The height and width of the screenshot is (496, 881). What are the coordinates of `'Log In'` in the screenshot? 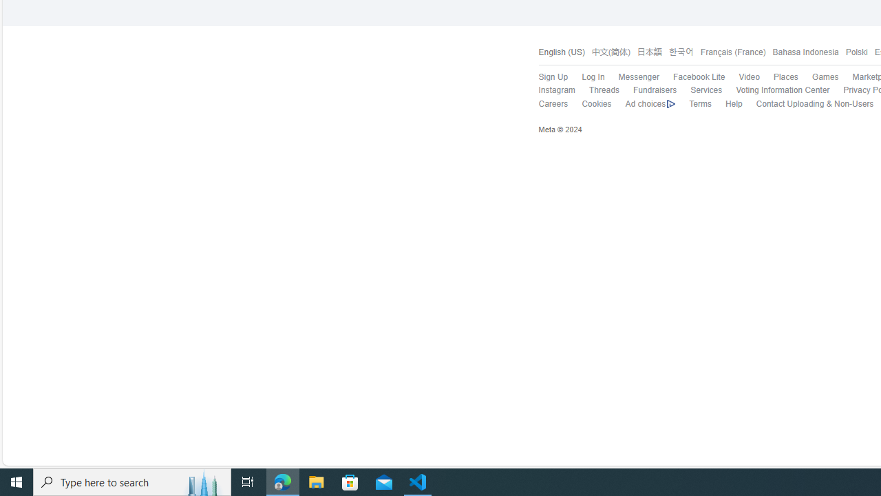 It's located at (593, 77).